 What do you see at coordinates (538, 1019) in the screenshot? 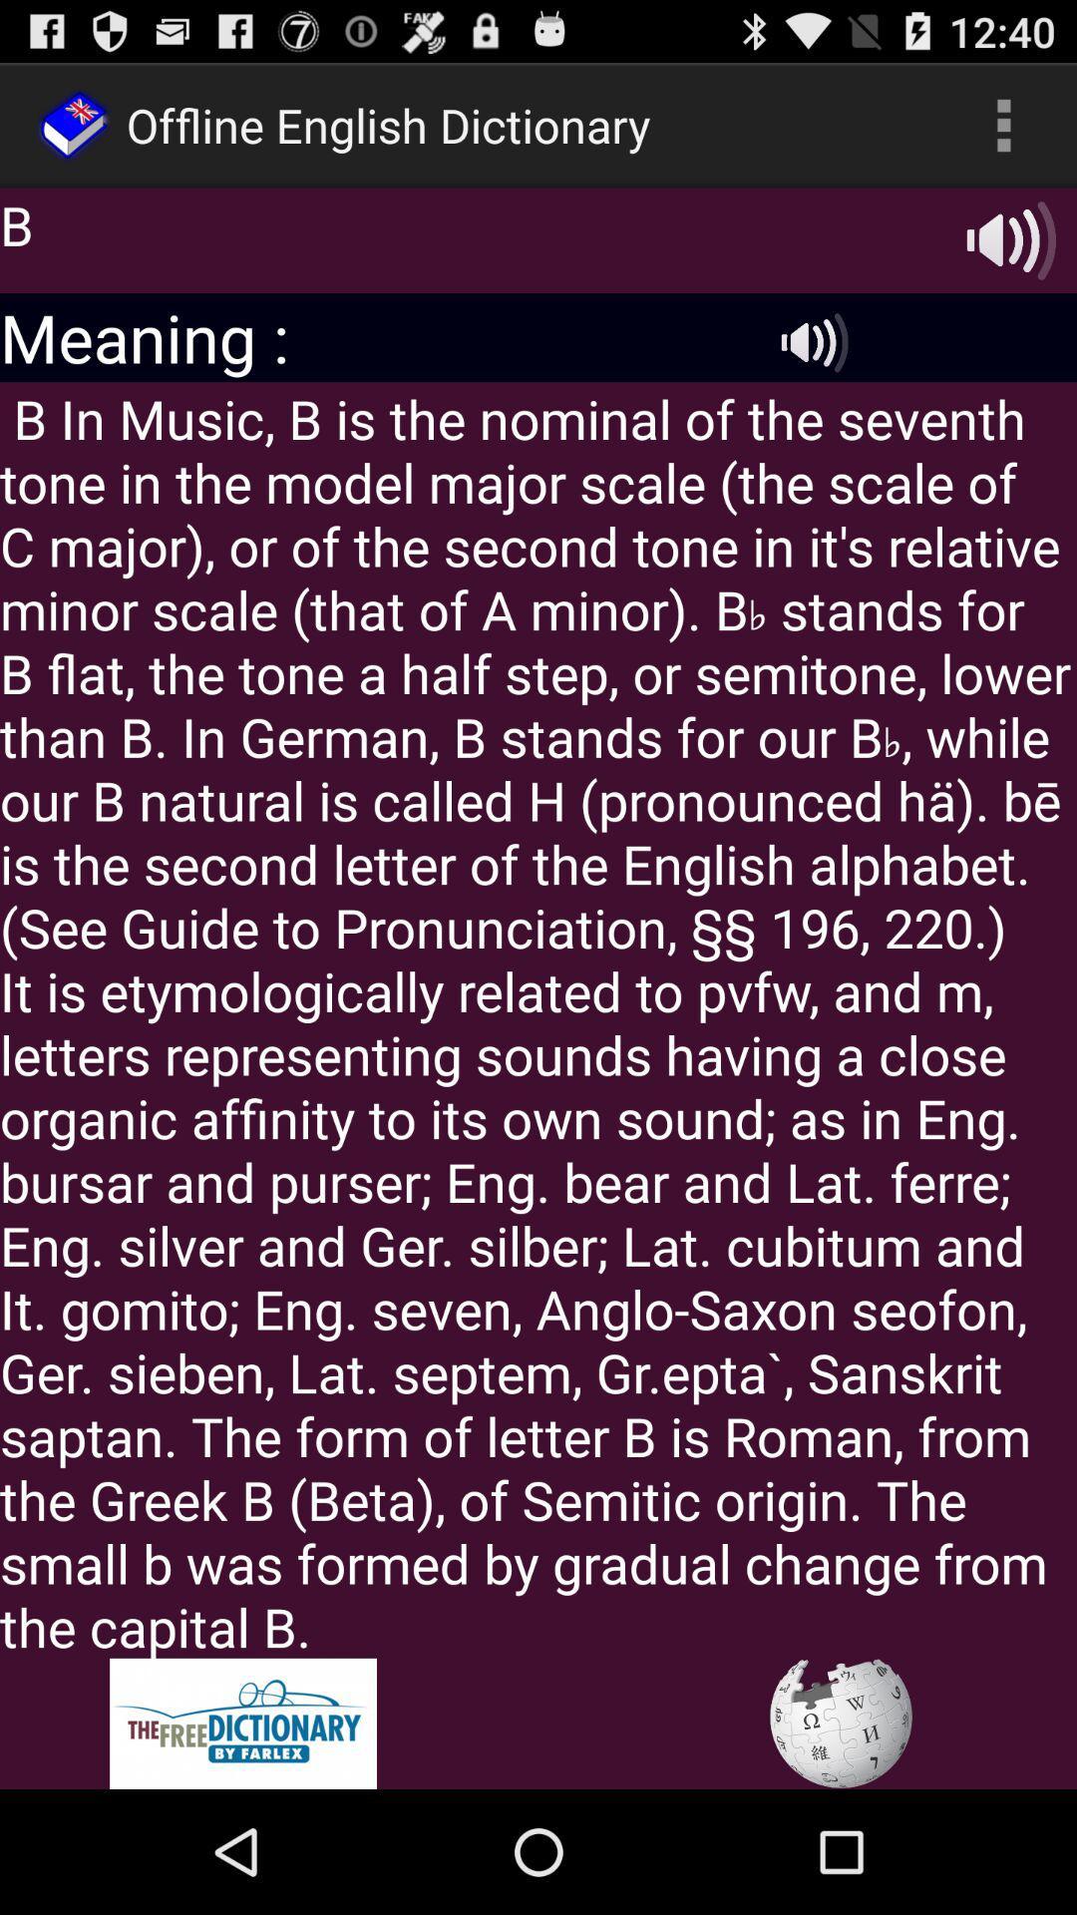
I see `the item at the center` at bounding box center [538, 1019].